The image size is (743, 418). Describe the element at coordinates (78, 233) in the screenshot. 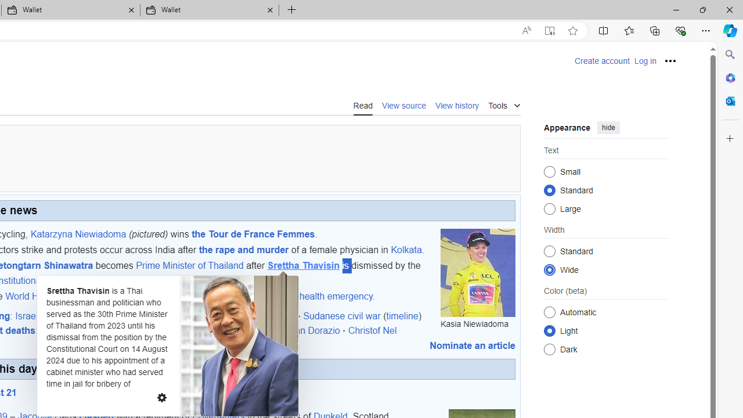

I see `'Katarzyna Niewiadoma'` at that location.